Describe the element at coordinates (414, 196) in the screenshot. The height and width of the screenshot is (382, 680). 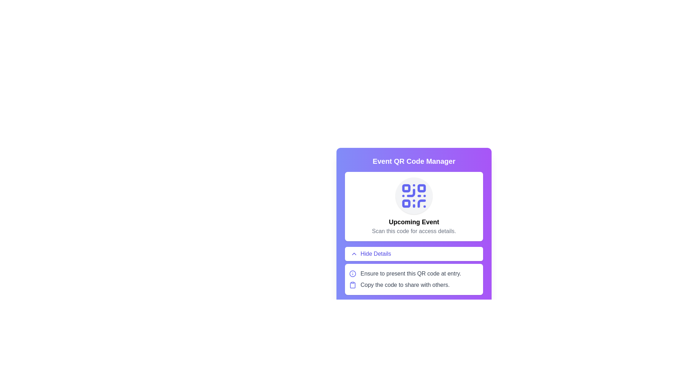
I see `the circular-shaped QR-code icon with a light background and blue styling, located centrally in the purple-themed widget labeled 'Event QR Code Manager'` at that location.